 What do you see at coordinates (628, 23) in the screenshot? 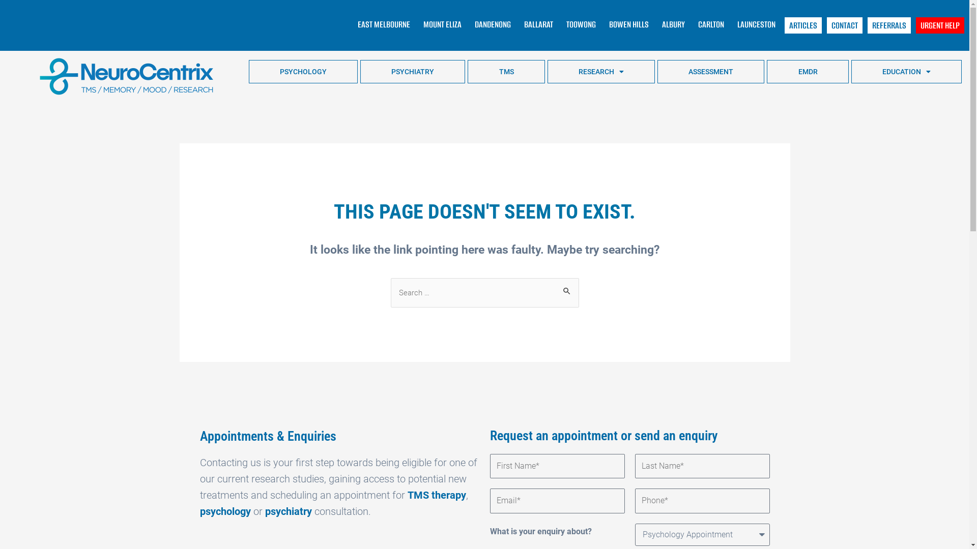
I see `'BOWEN HILLS'` at bounding box center [628, 23].